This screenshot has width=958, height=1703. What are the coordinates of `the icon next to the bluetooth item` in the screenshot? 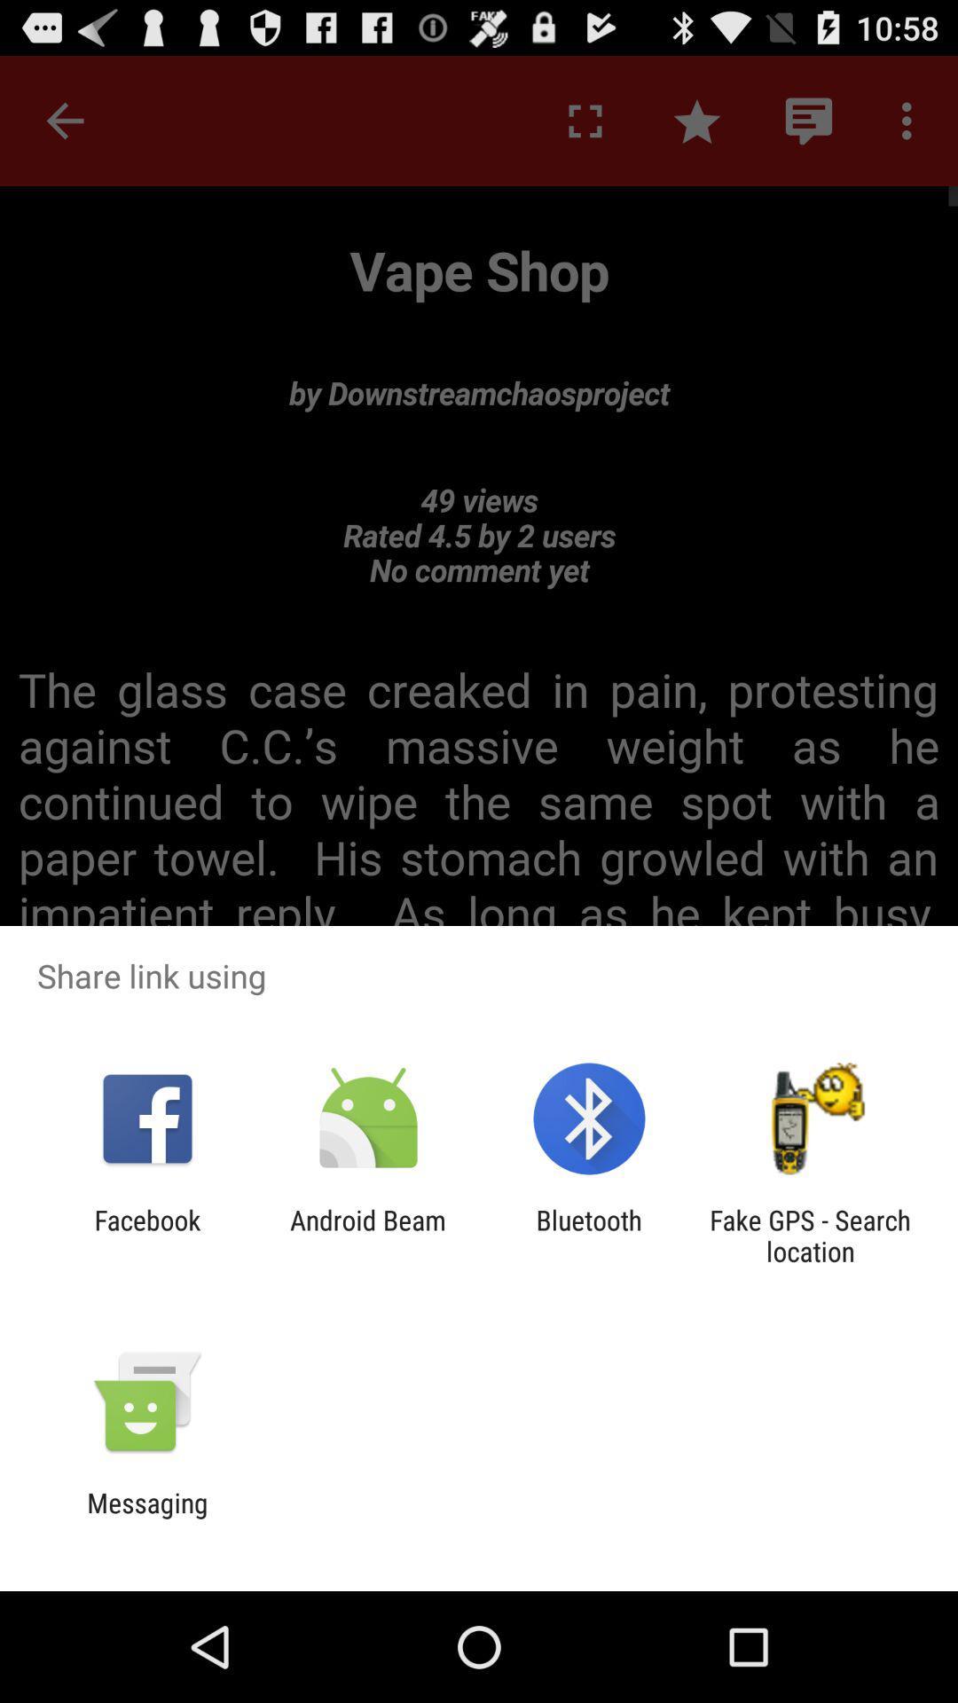 It's located at (367, 1235).